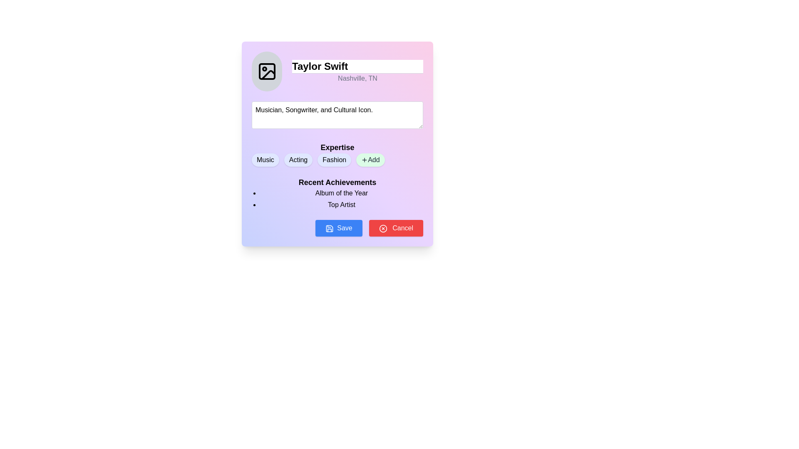  I want to click on the 'Music' category label button, which is a pill-shaped button with bold, black text on a soft indigo background, located under the 'Expertise' text, so click(265, 160).